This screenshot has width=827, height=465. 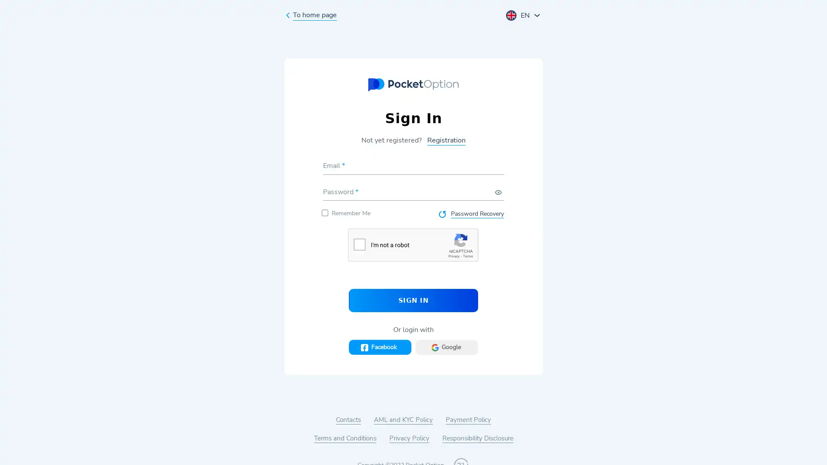 I want to click on SIGN IN, so click(x=413, y=300).